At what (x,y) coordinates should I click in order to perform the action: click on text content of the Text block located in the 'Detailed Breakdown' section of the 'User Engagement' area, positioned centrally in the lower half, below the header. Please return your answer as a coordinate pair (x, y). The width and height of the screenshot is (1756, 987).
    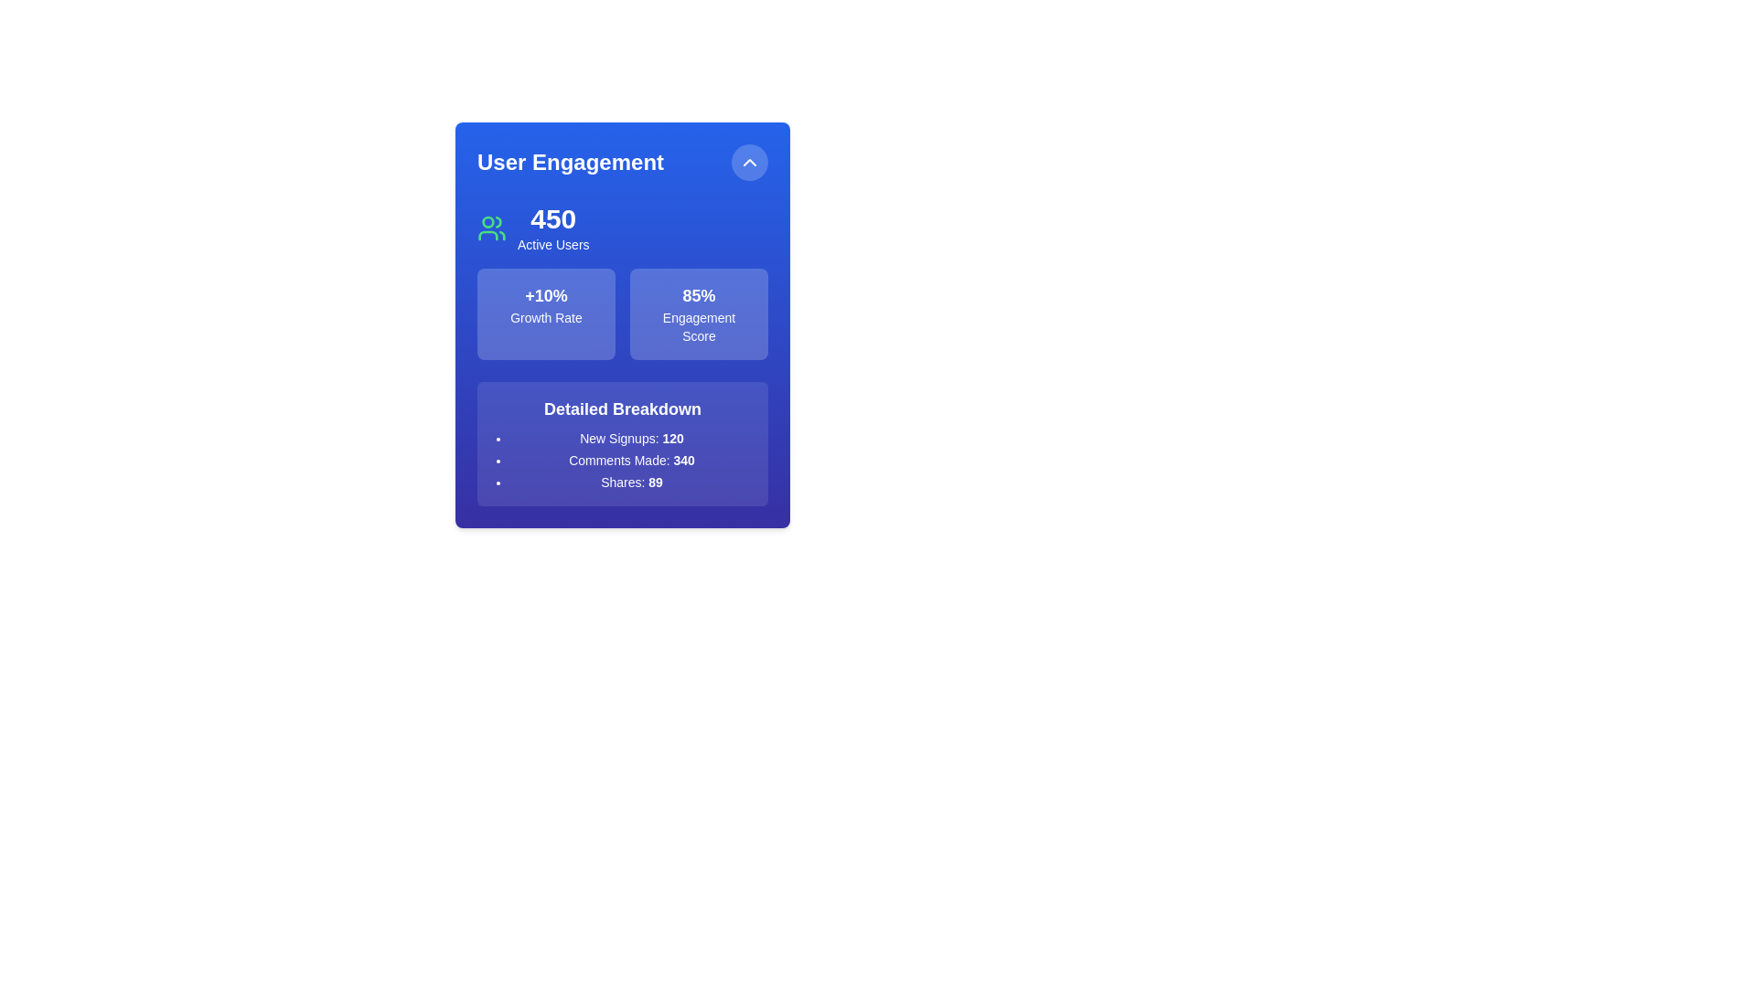
    Looking at the image, I should click on (632, 460).